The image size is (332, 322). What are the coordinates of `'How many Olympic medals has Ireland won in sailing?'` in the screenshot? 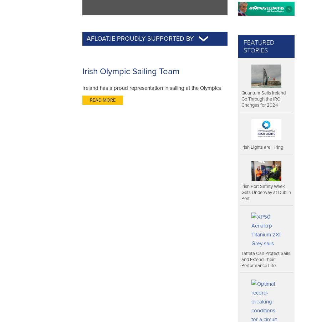 It's located at (87, 291).